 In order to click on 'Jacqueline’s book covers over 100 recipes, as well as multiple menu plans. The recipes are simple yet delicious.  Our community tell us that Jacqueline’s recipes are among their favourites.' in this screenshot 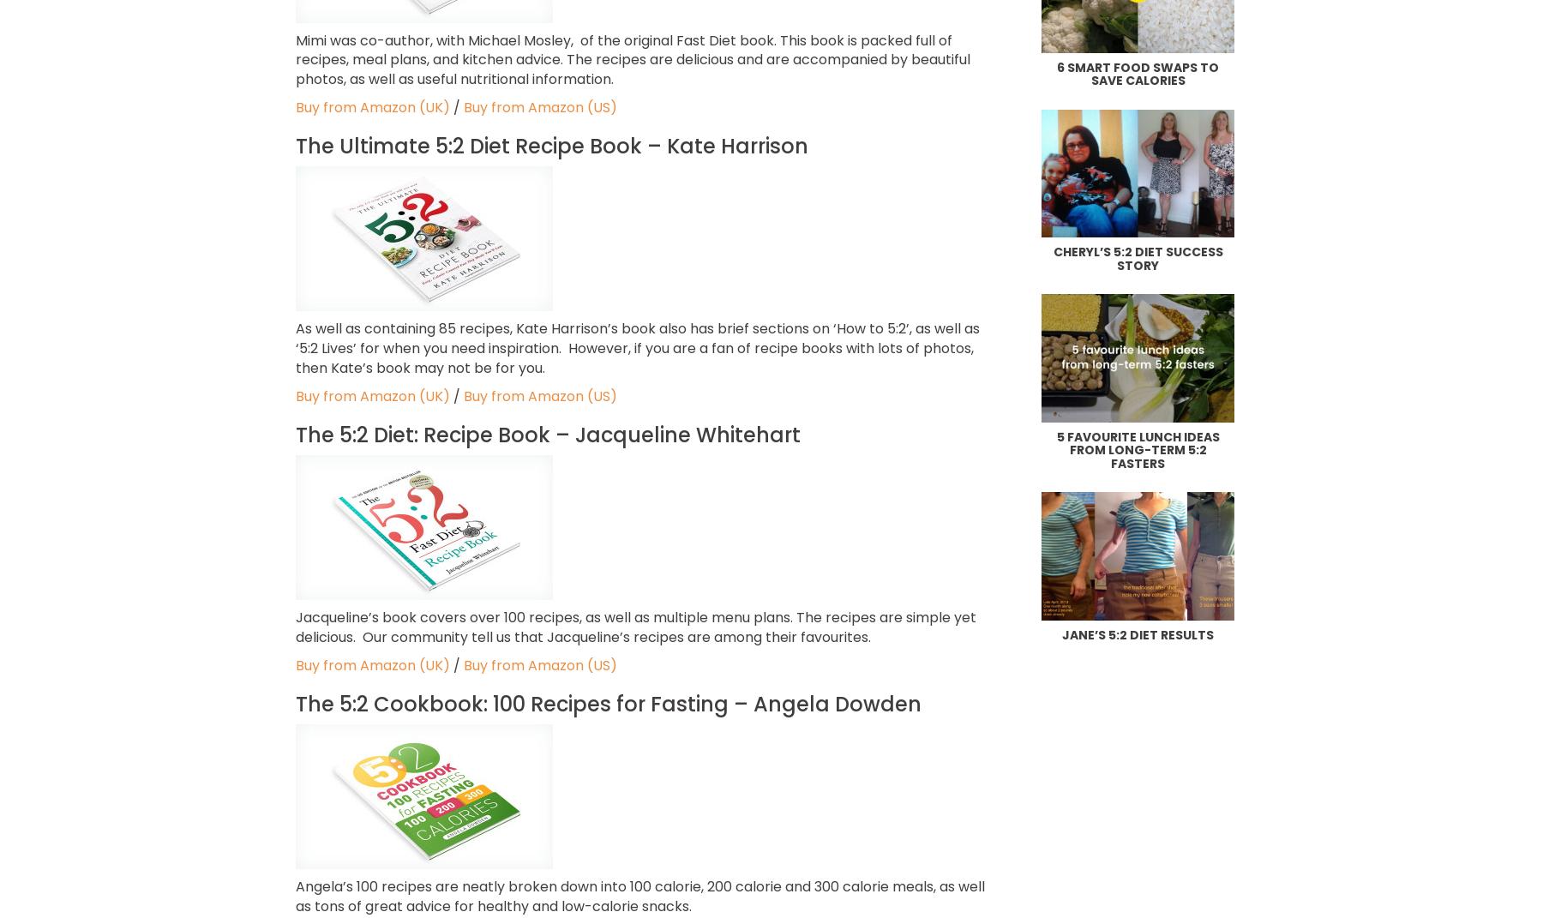, I will do `click(634, 627)`.